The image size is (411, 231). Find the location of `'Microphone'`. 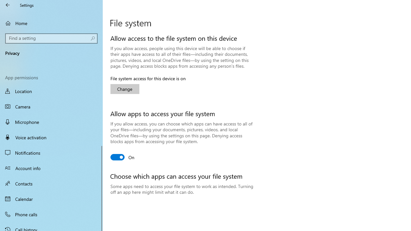

'Microphone' is located at coordinates (51, 122).